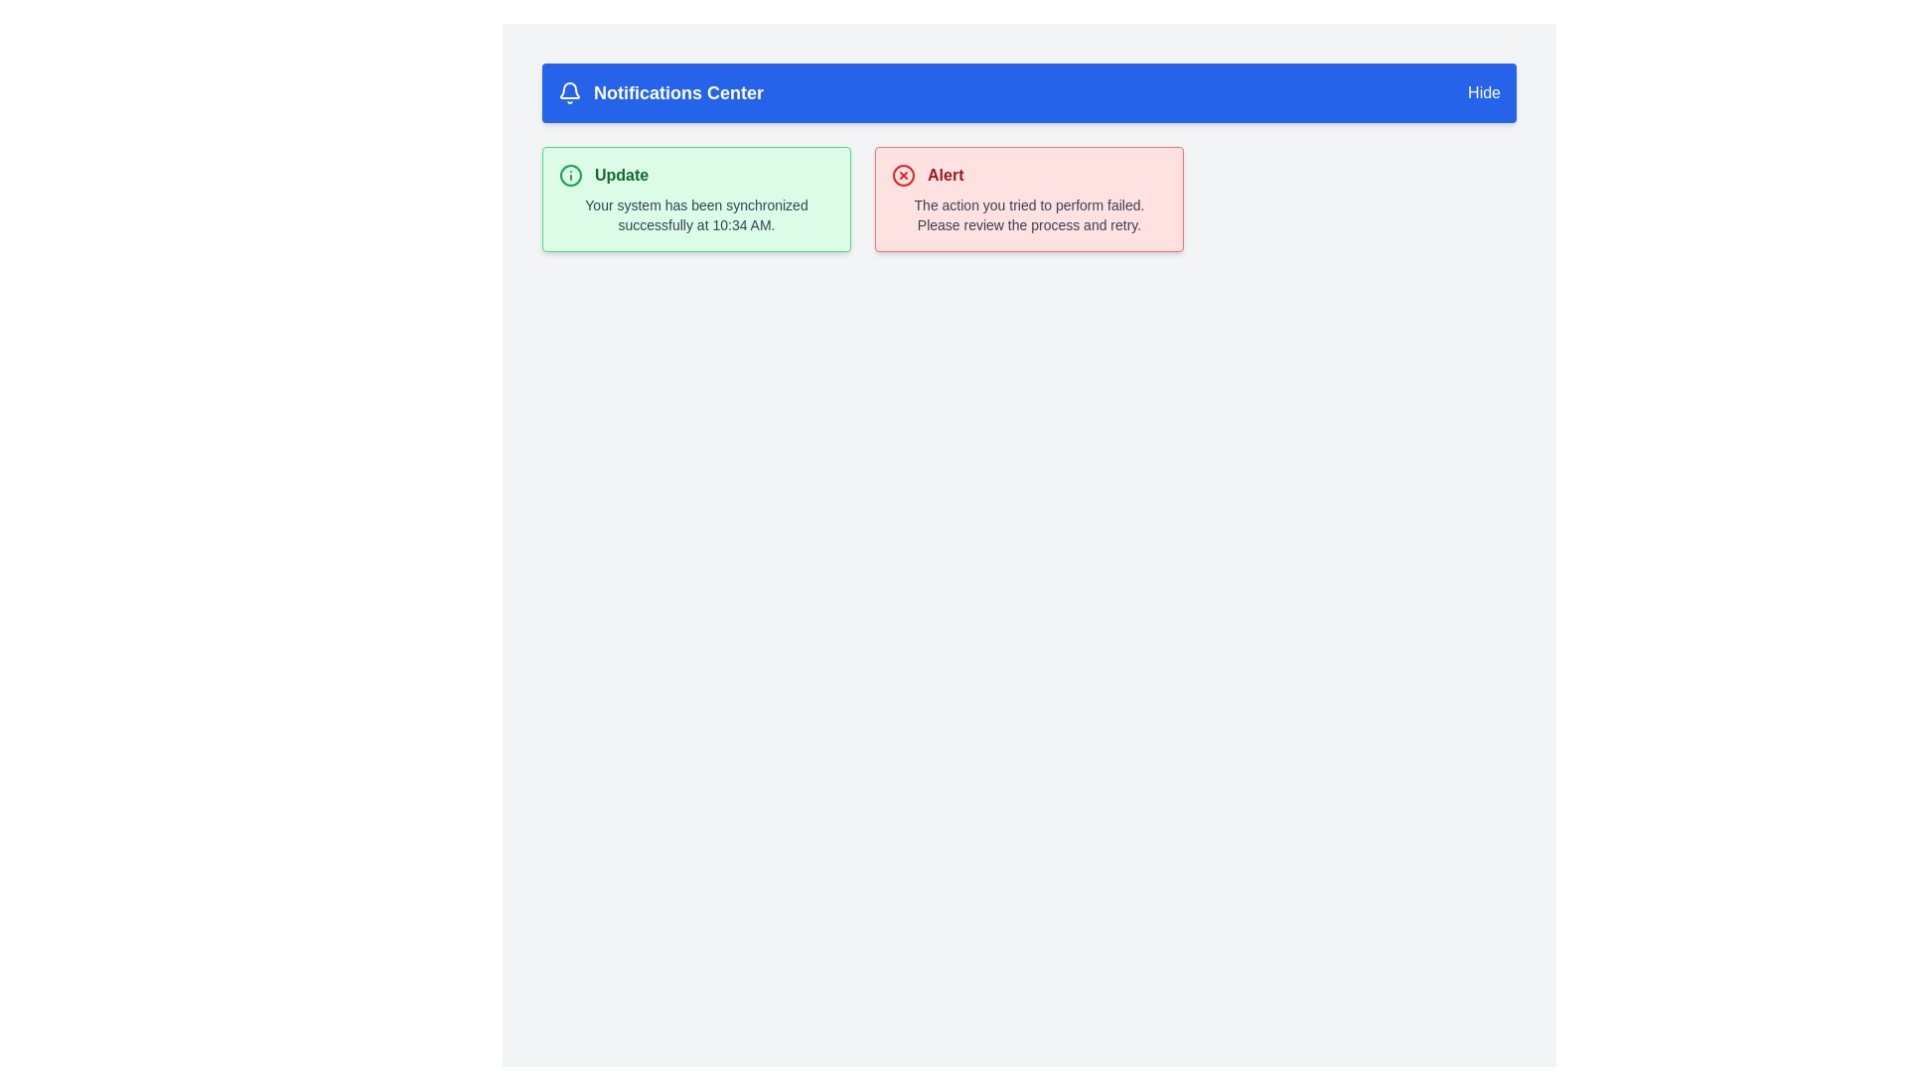 The image size is (1907, 1072). What do you see at coordinates (570, 175) in the screenshot?
I see `the circular green outlined 'info' icon located to the left of the 'Update' text within the notification card in the Notifications Center` at bounding box center [570, 175].